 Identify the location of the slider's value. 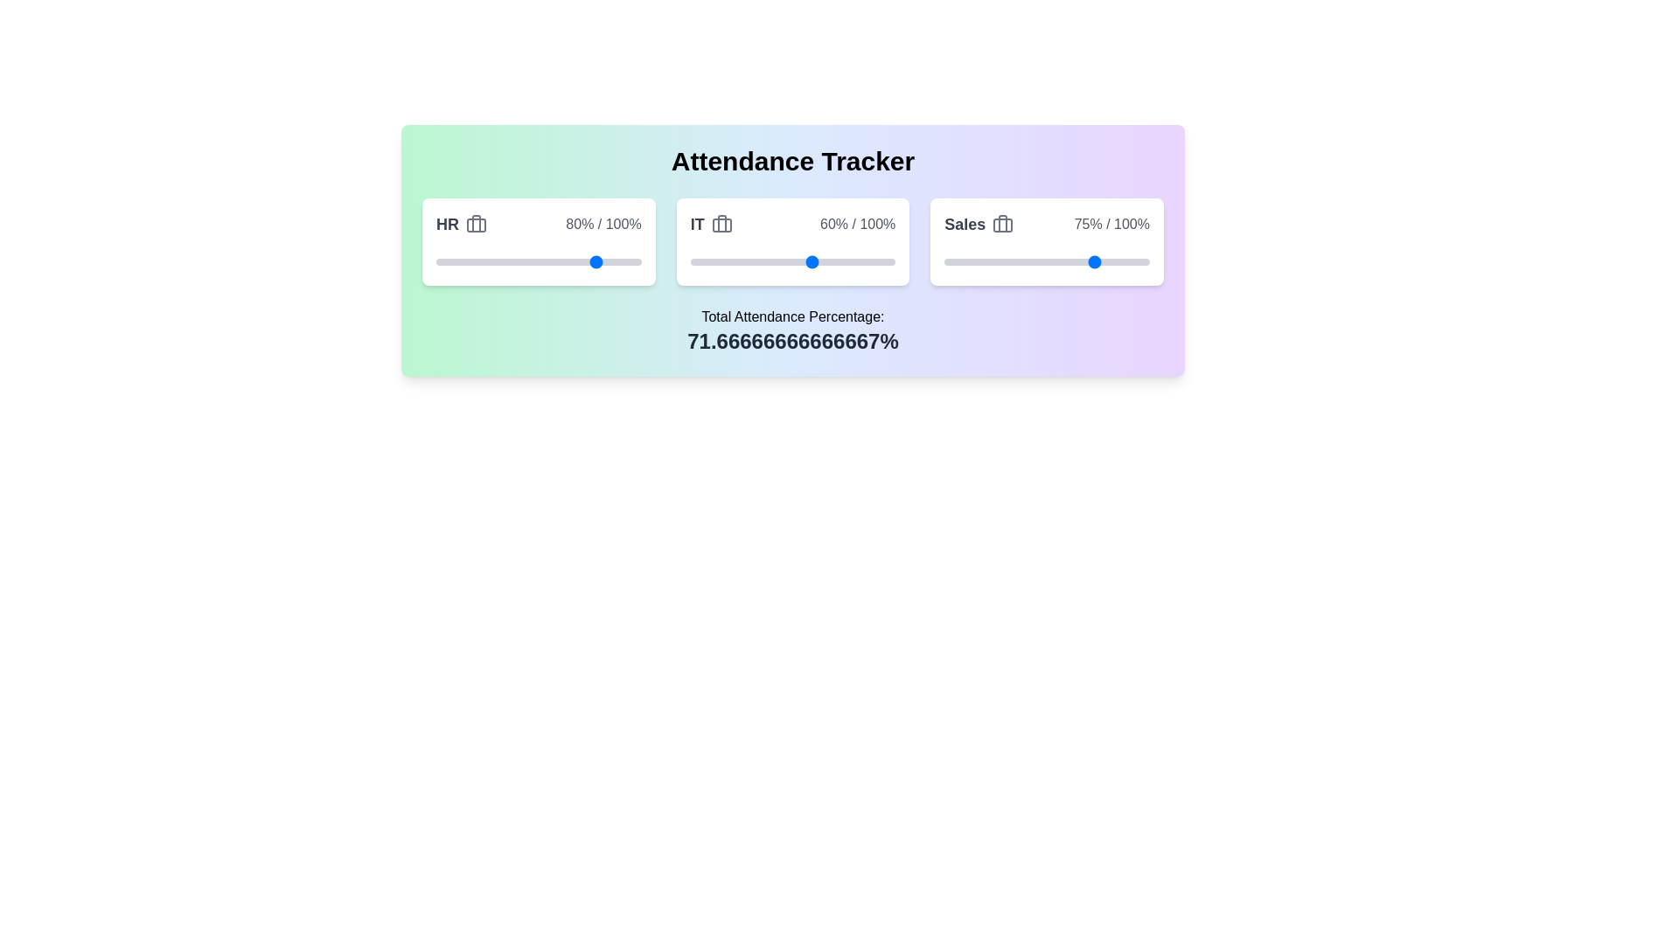
(1097, 262).